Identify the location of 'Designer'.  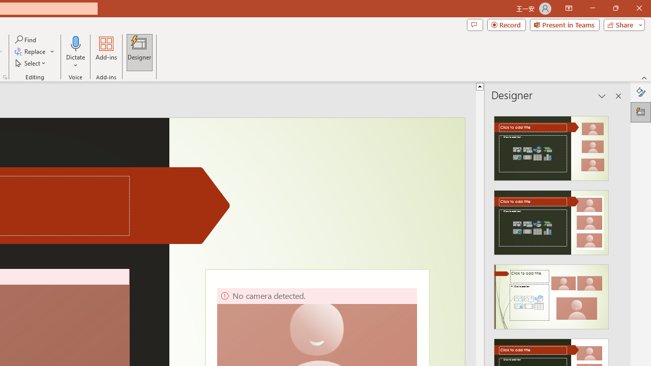
(139, 52).